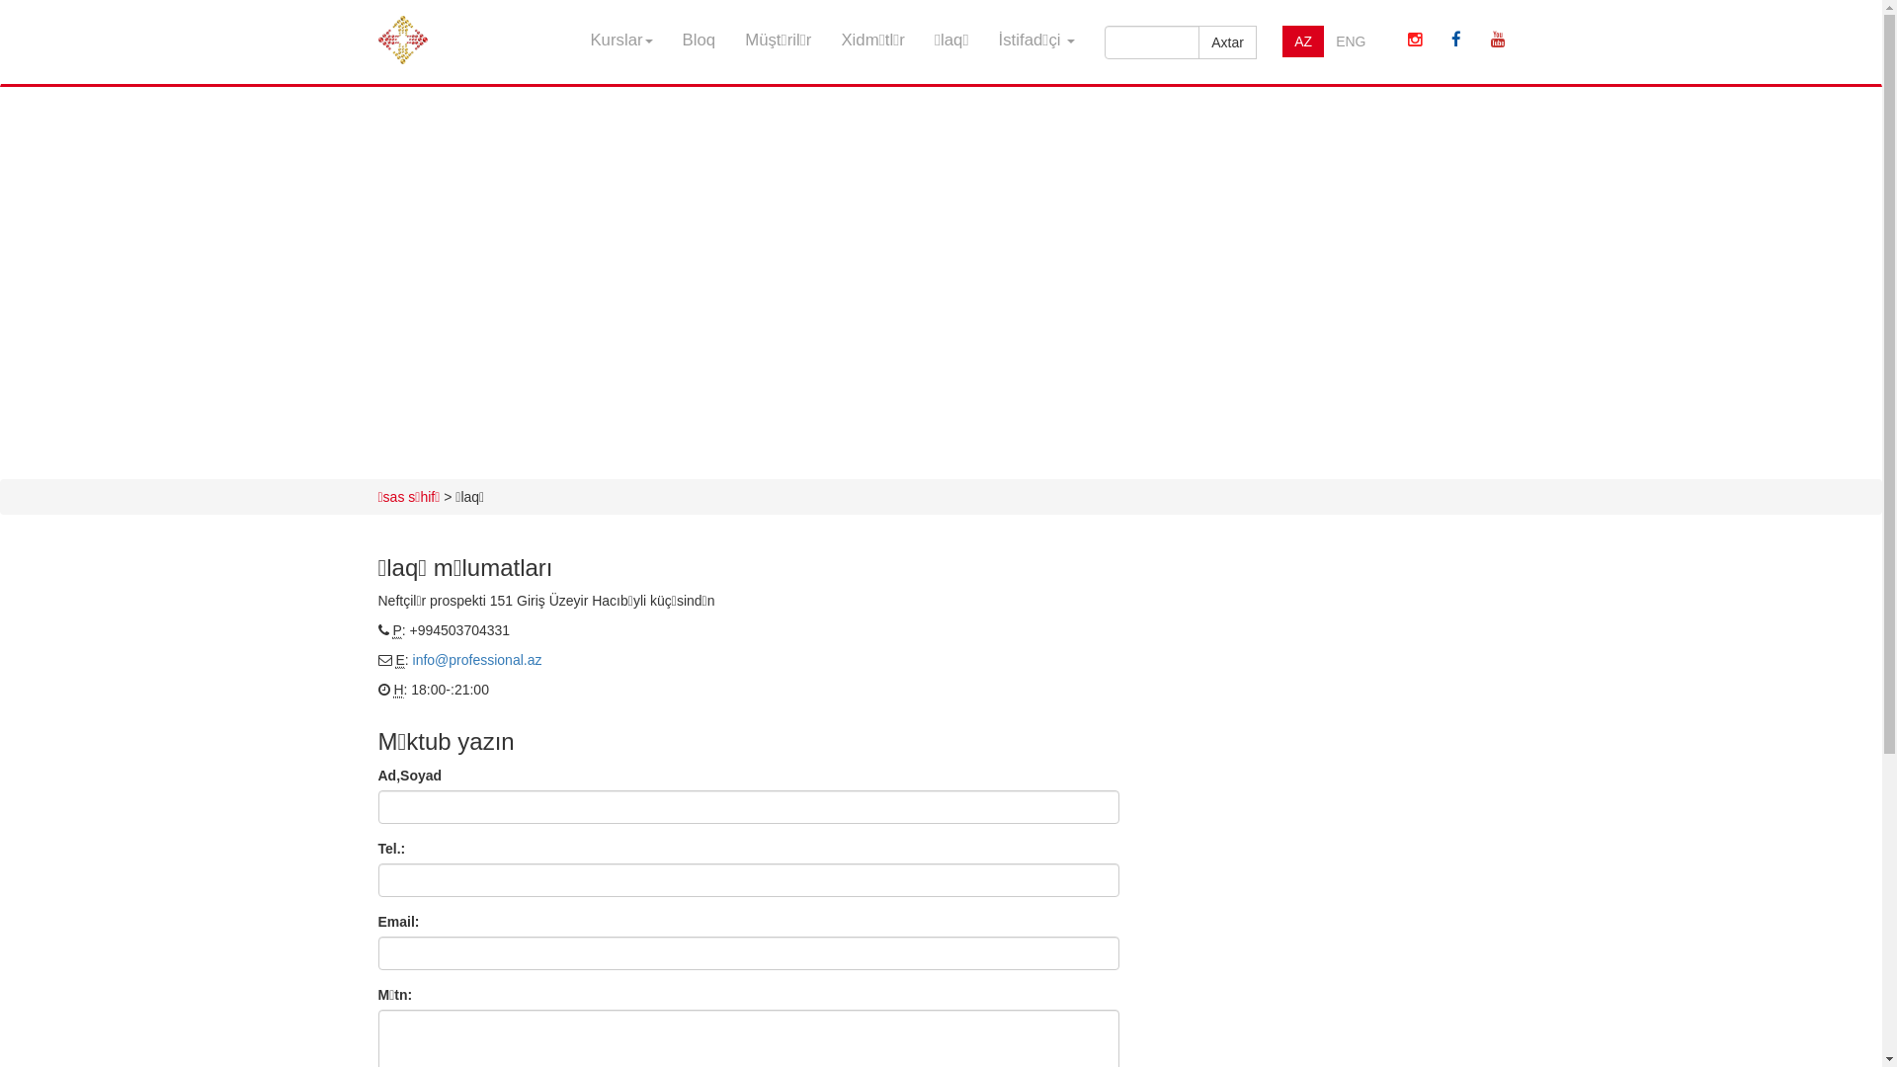 The height and width of the screenshot is (1067, 1897). Describe the element at coordinates (1498, 41) in the screenshot. I see `'youtube'` at that location.